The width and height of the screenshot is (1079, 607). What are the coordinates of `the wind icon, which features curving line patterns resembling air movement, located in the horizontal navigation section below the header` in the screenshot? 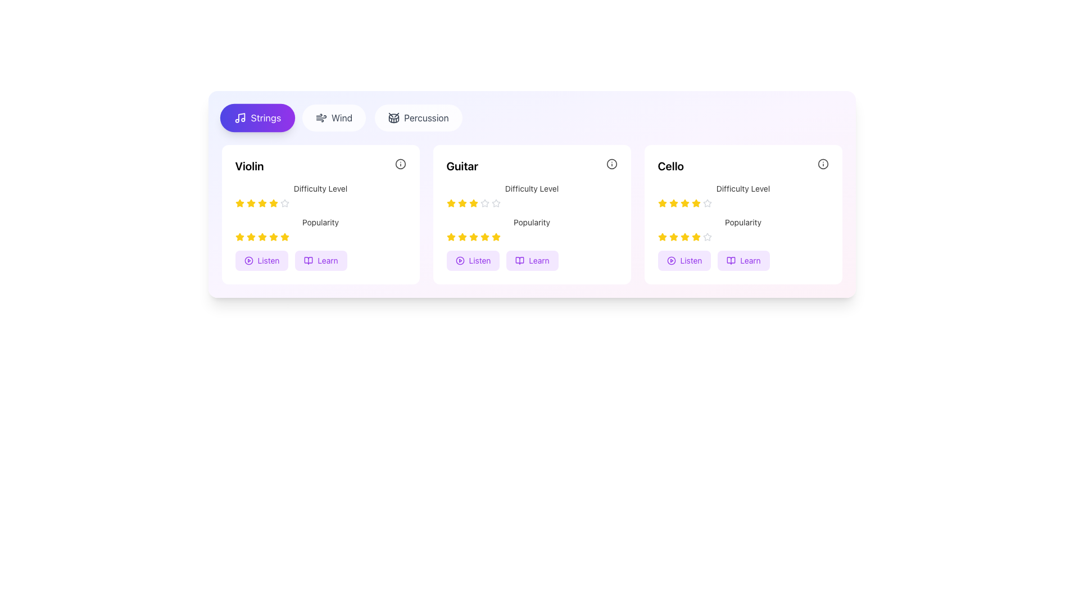 It's located at (320, 117).